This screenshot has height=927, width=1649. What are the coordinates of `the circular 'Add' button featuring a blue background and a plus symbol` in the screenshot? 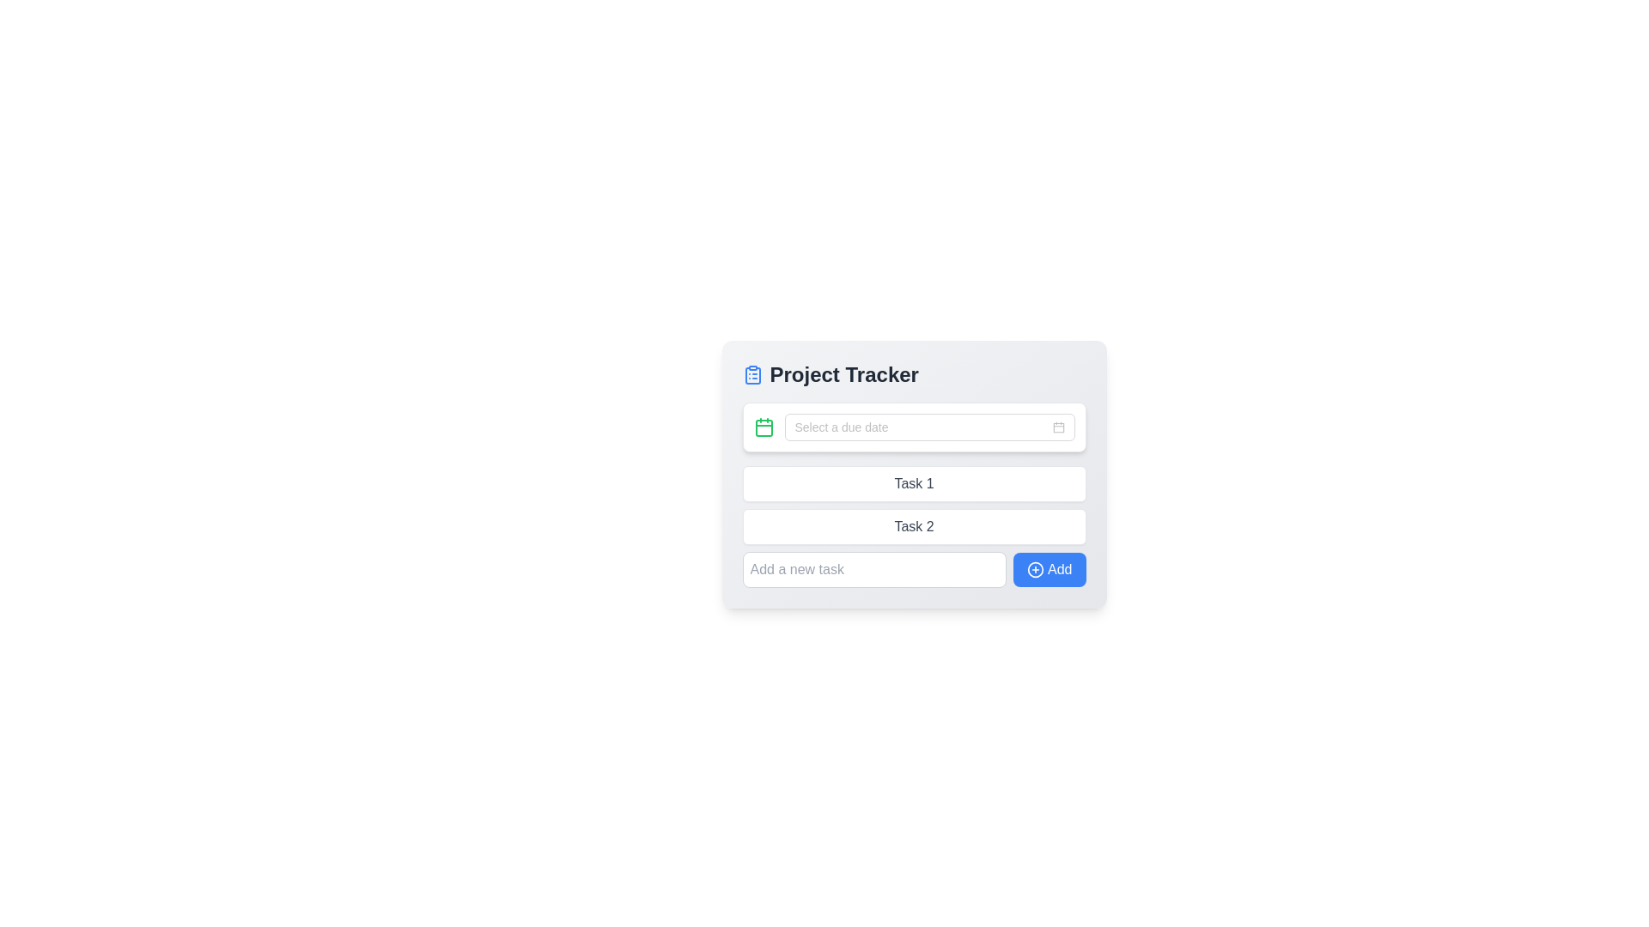 It's located at (1034, 569).